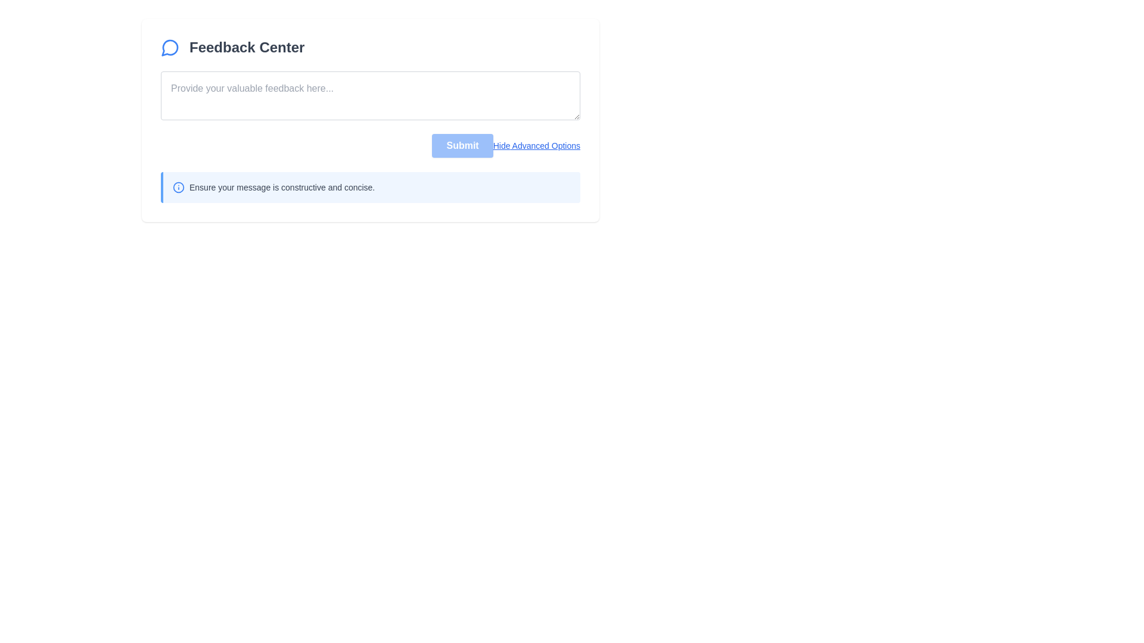  I want to click on the Information icon located at the leftmost side of the message 'Ensure your message is constructive and concise.', so click(178, 188).